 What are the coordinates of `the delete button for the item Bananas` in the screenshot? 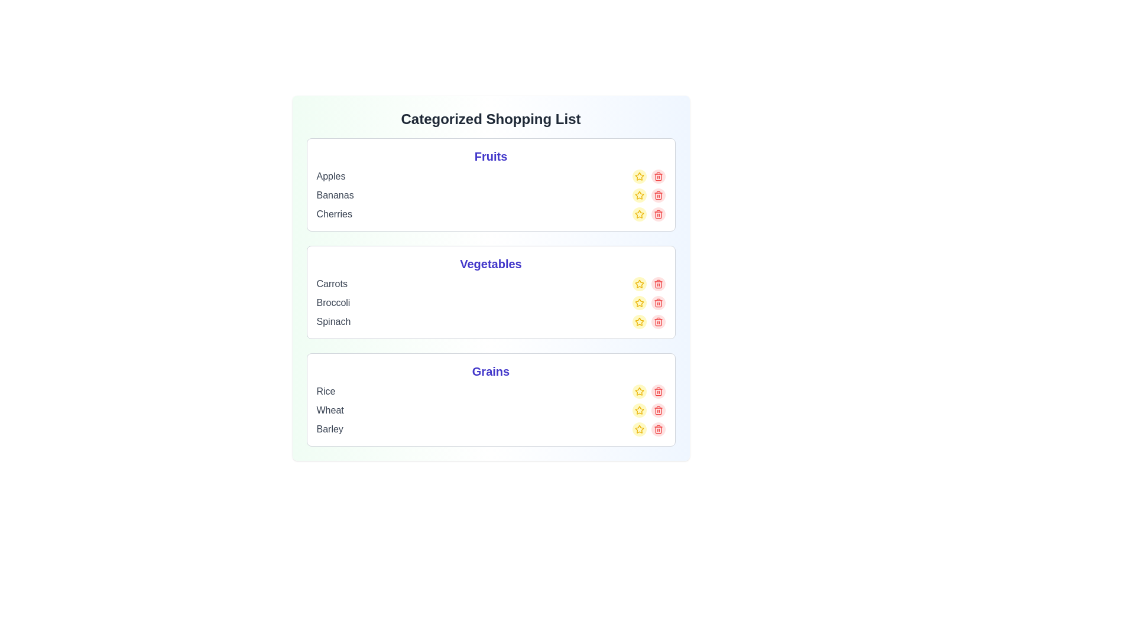 It's located at (657, 195).